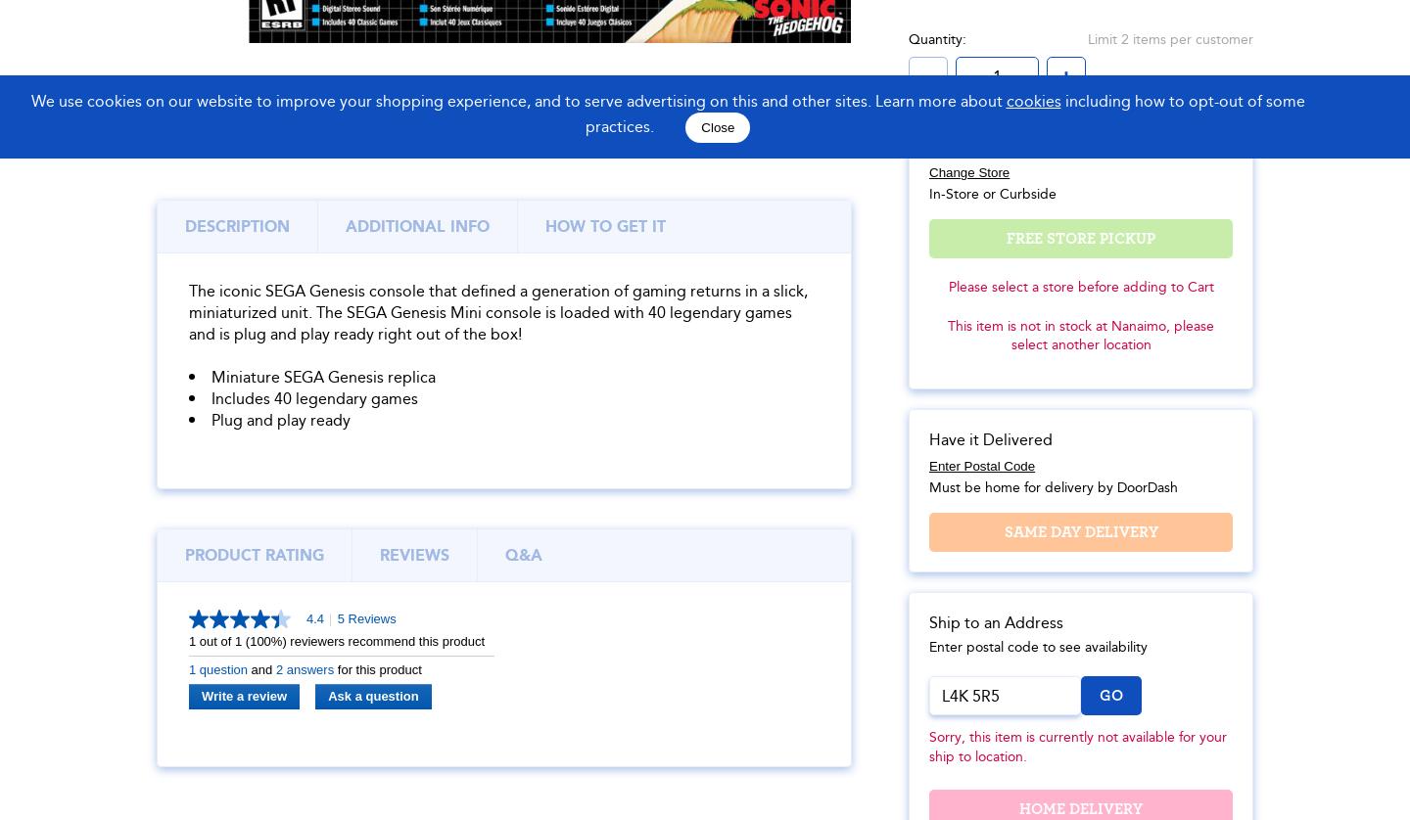  I want to click on 'This item is not in stock at Nanaimo, please select another location', so click(1080, 333).